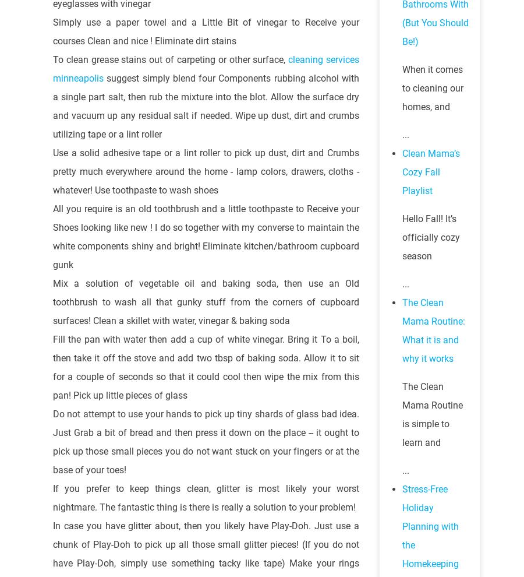 The height and width of the screenshot is (577, 524). Describe the element at coordinates (430, 237) in the screenshot. I see `'Hello Fall! It’s officially cozy season'` at that location.